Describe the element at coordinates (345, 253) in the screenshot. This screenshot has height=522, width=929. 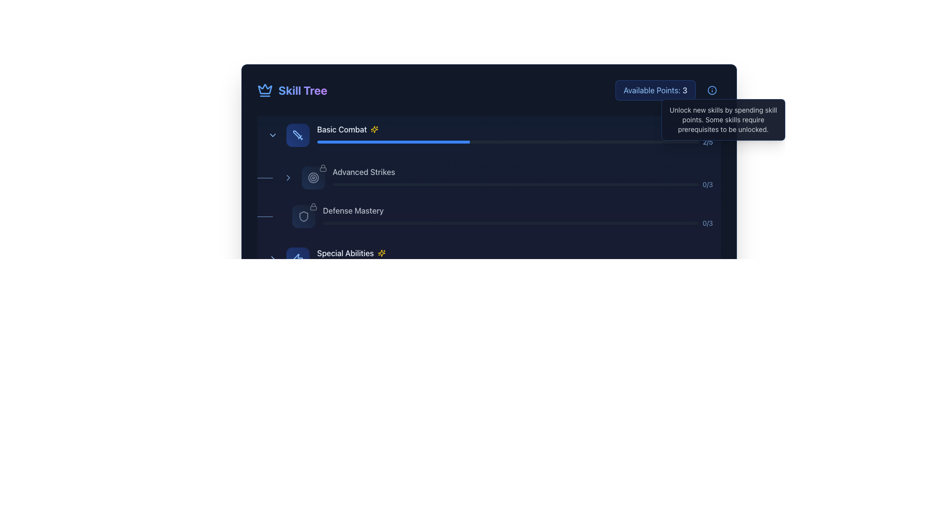
I see `the 'Special Abilities' text label, which is the fourth item in the skill tree list, located under 'Defense Mastery'` at that location.